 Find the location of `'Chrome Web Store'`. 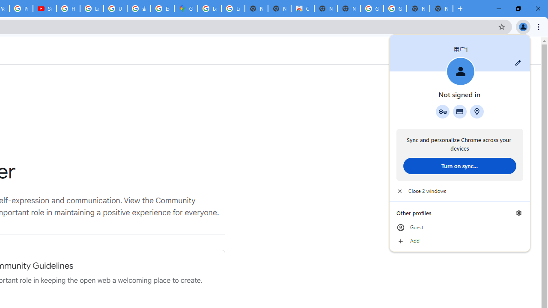

'Chrome Web Store' is located at coordinates (302, 9).